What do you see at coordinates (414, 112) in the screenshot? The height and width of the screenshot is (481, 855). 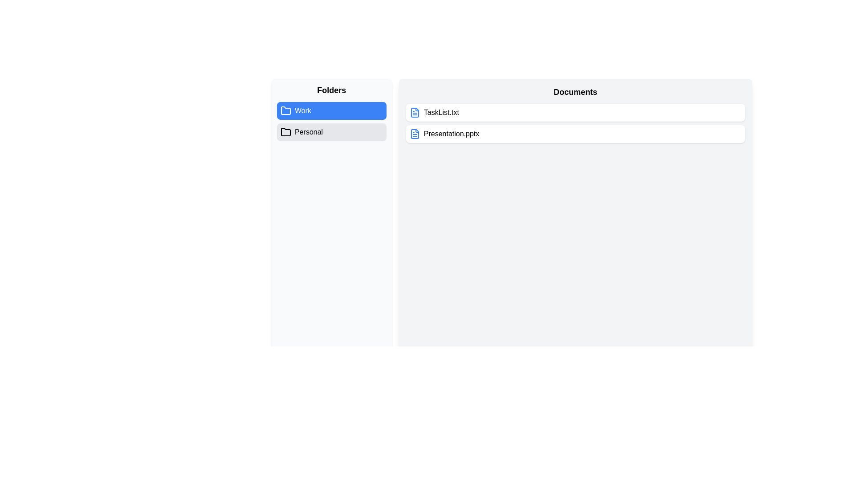 I see `the graphical icon representing the document or file type, which is located to the left of 'TaskList.txt' in the list of document entries` at bounding box center [414, 112].